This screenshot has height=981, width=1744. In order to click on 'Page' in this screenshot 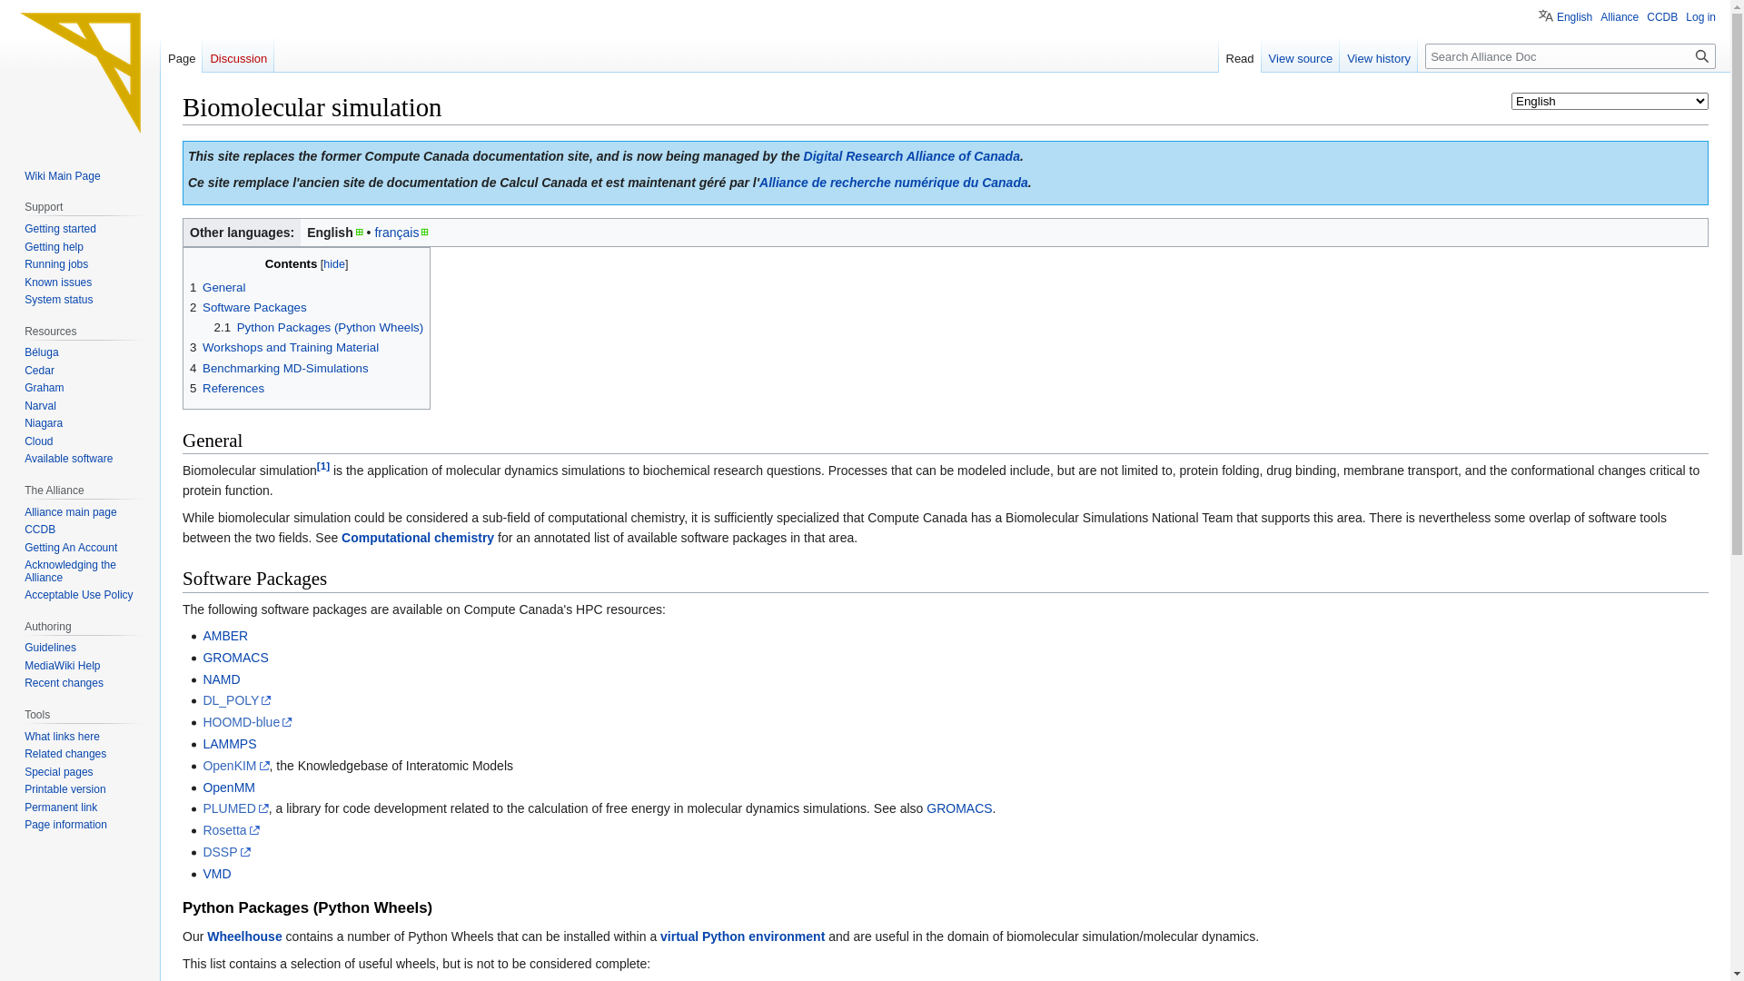, I will do `click(182, 54)`.